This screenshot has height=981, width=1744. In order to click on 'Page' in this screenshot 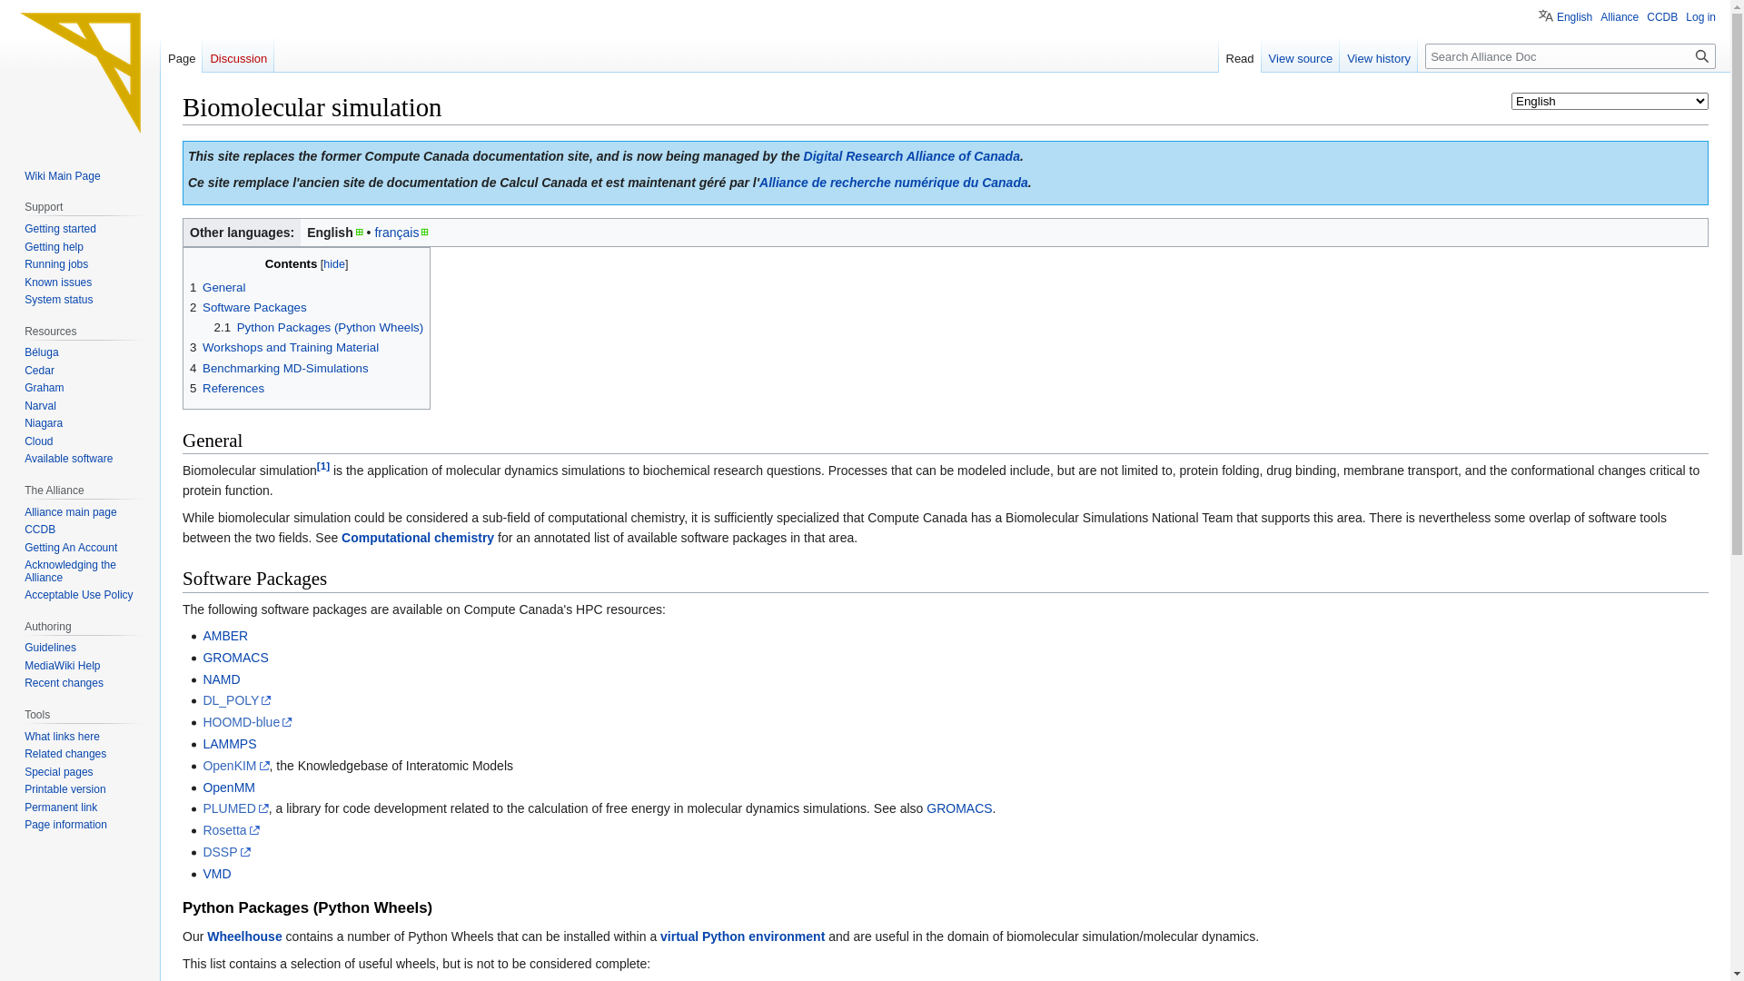, I will do `click(182, 54)`.